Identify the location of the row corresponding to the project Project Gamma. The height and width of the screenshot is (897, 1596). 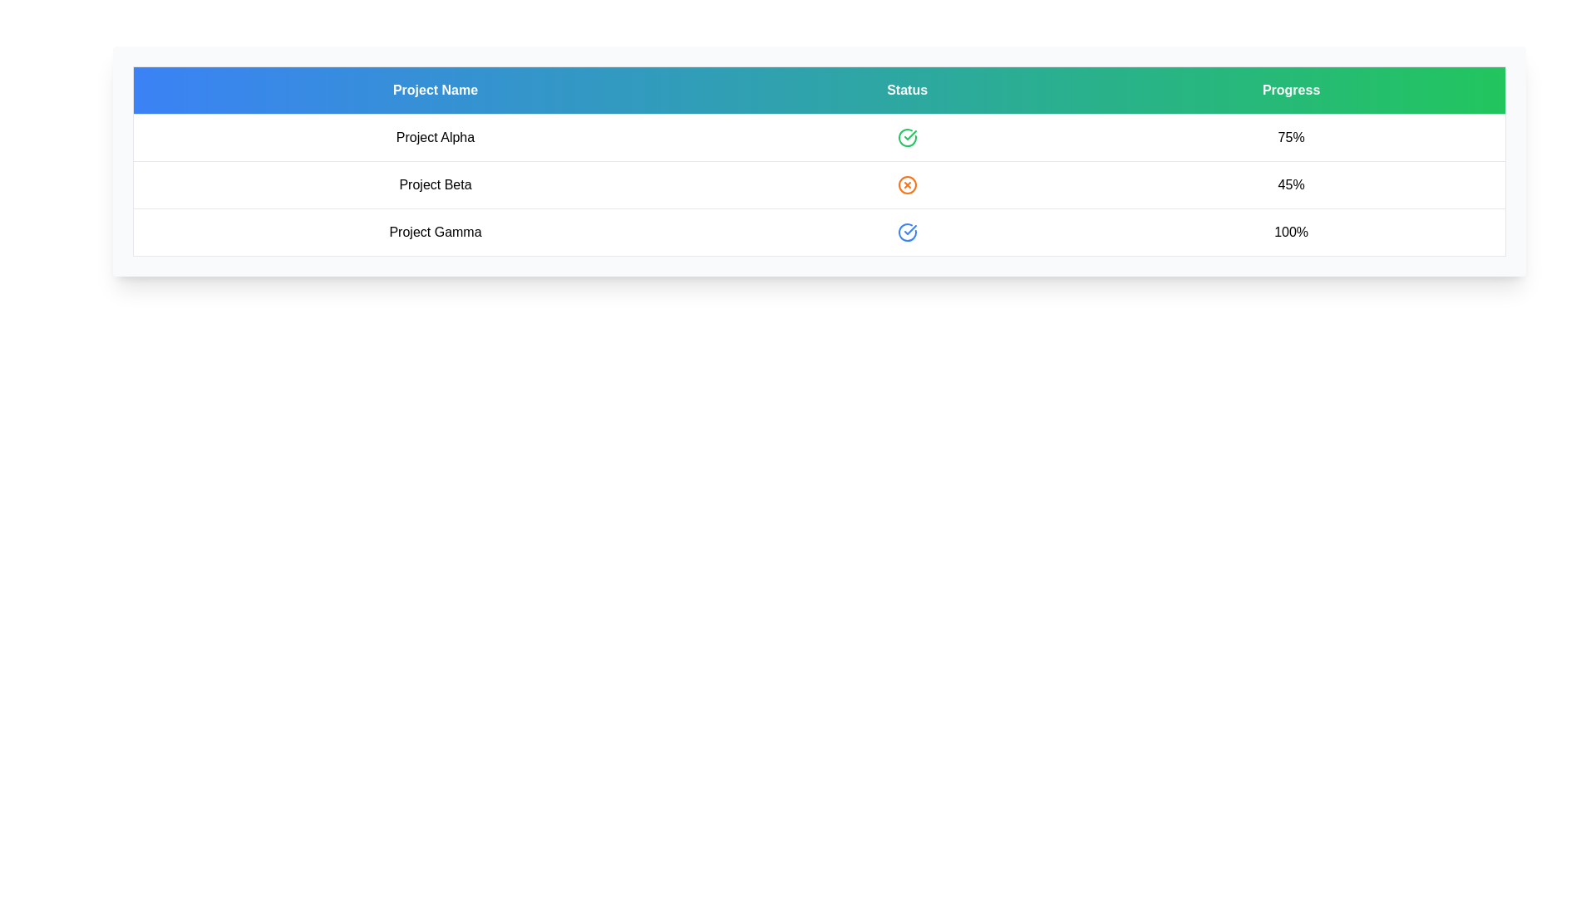
(435, 233).